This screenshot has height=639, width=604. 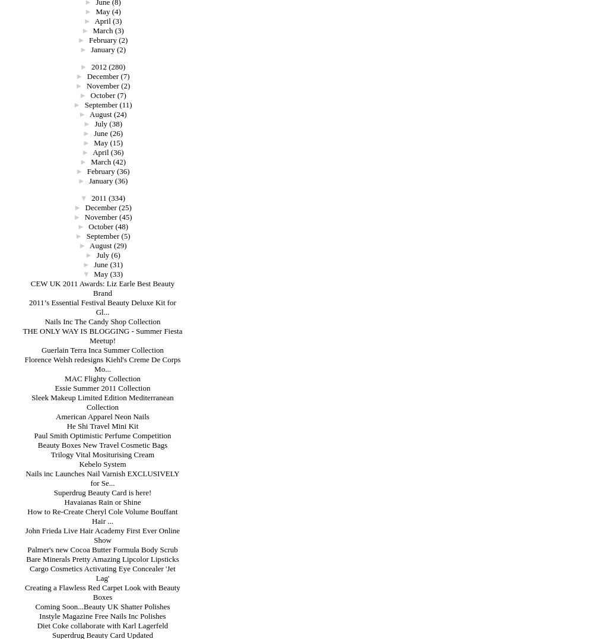 What do you see at coordinates (102, 549) in the screenshot?
I see `'Palmer's new Cocoa Butter Formula Body Scrub'` at bounding box center [102, 549].